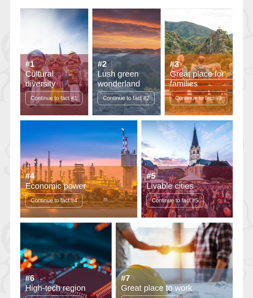 This screenshot has height=298, width=253. What do you see at coordinates (30, 200) in the screenshot?
I see `'Continue to fact #4'` at bounding box center [30, 200].